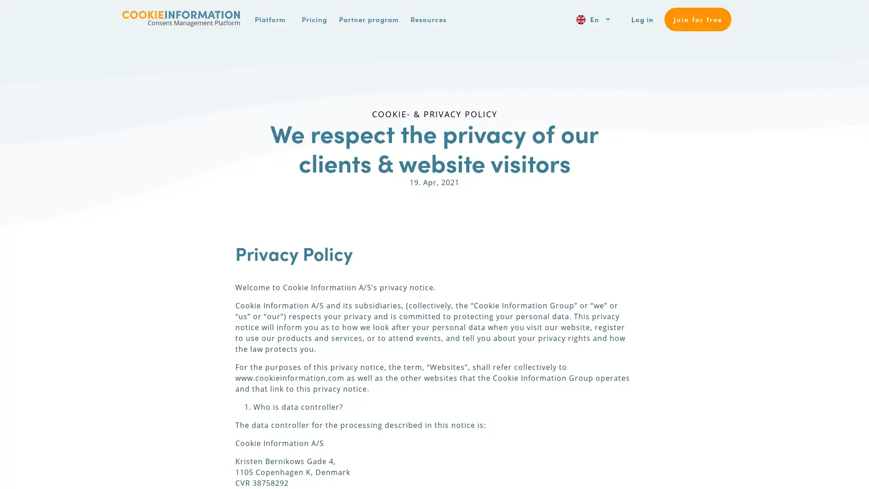 This screenshot has width=869, height=489. What do you see at coordinates (697, 19) in the screenshot?
I see `Join for free` at bounding box center [697, 19].